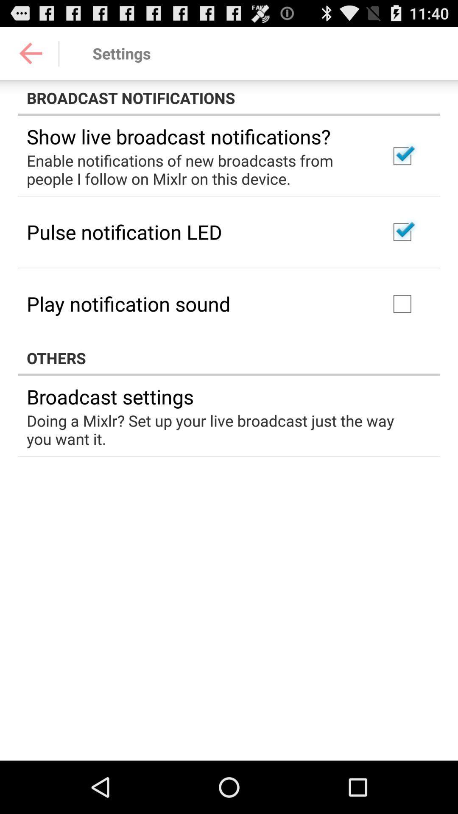 The height and width of the screenshot is (814, 458). What do you see at coordinates (223, 429) in the screenshot?
I see `the icon below the broadcast settings item` at bounding box center [223, 429].